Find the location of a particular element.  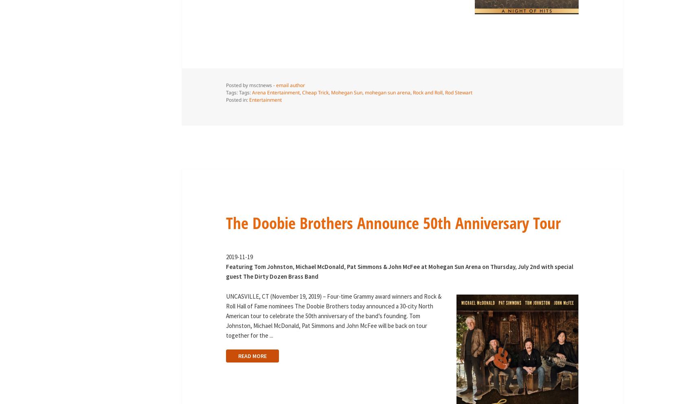

'Tags: Tags:' is located at coordinates (225, 92).